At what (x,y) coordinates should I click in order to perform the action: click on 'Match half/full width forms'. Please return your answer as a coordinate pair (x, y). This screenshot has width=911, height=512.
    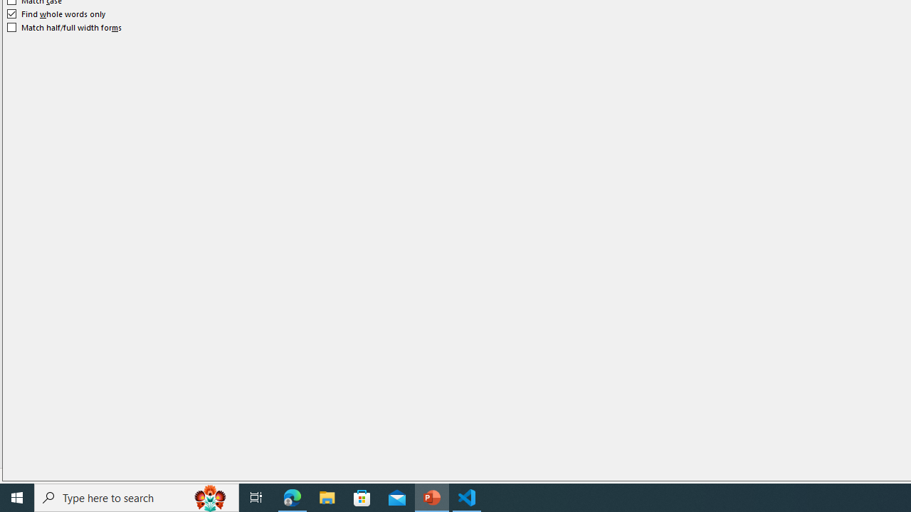
    Looking at the image, I should click on (64, 27).